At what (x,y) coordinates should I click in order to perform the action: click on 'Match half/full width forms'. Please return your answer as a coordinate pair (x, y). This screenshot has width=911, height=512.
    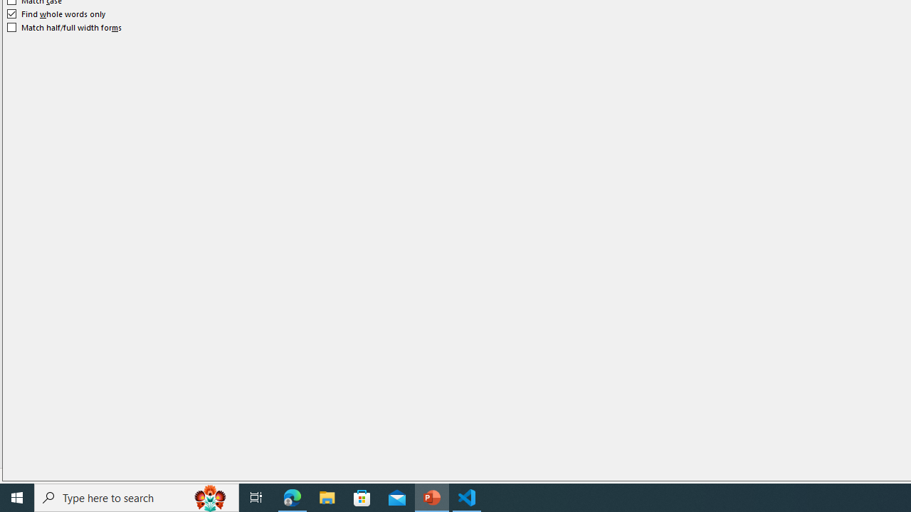
    Looking at the image, I should click on (64, 27).